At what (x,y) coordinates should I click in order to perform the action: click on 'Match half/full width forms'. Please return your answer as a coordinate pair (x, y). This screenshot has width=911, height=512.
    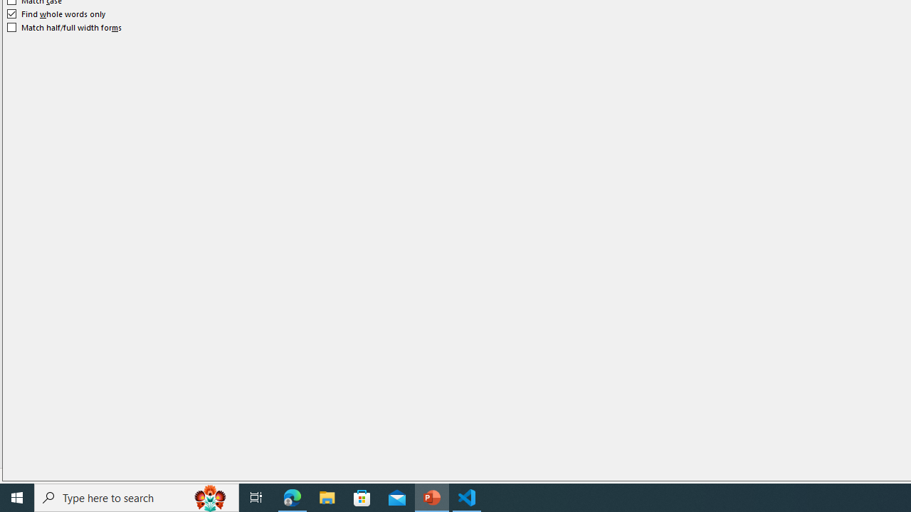
    Looking at the image, I should click on (64, 27).